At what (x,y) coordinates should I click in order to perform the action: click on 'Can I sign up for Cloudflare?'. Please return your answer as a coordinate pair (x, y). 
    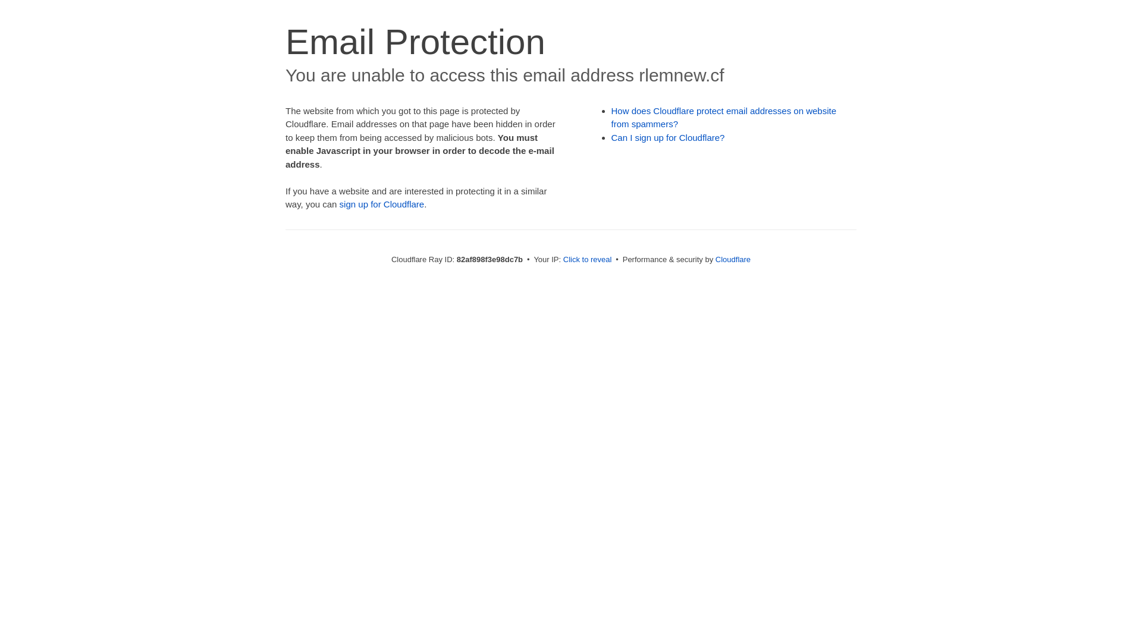
    Looking at the image, I should click on (668, 137).